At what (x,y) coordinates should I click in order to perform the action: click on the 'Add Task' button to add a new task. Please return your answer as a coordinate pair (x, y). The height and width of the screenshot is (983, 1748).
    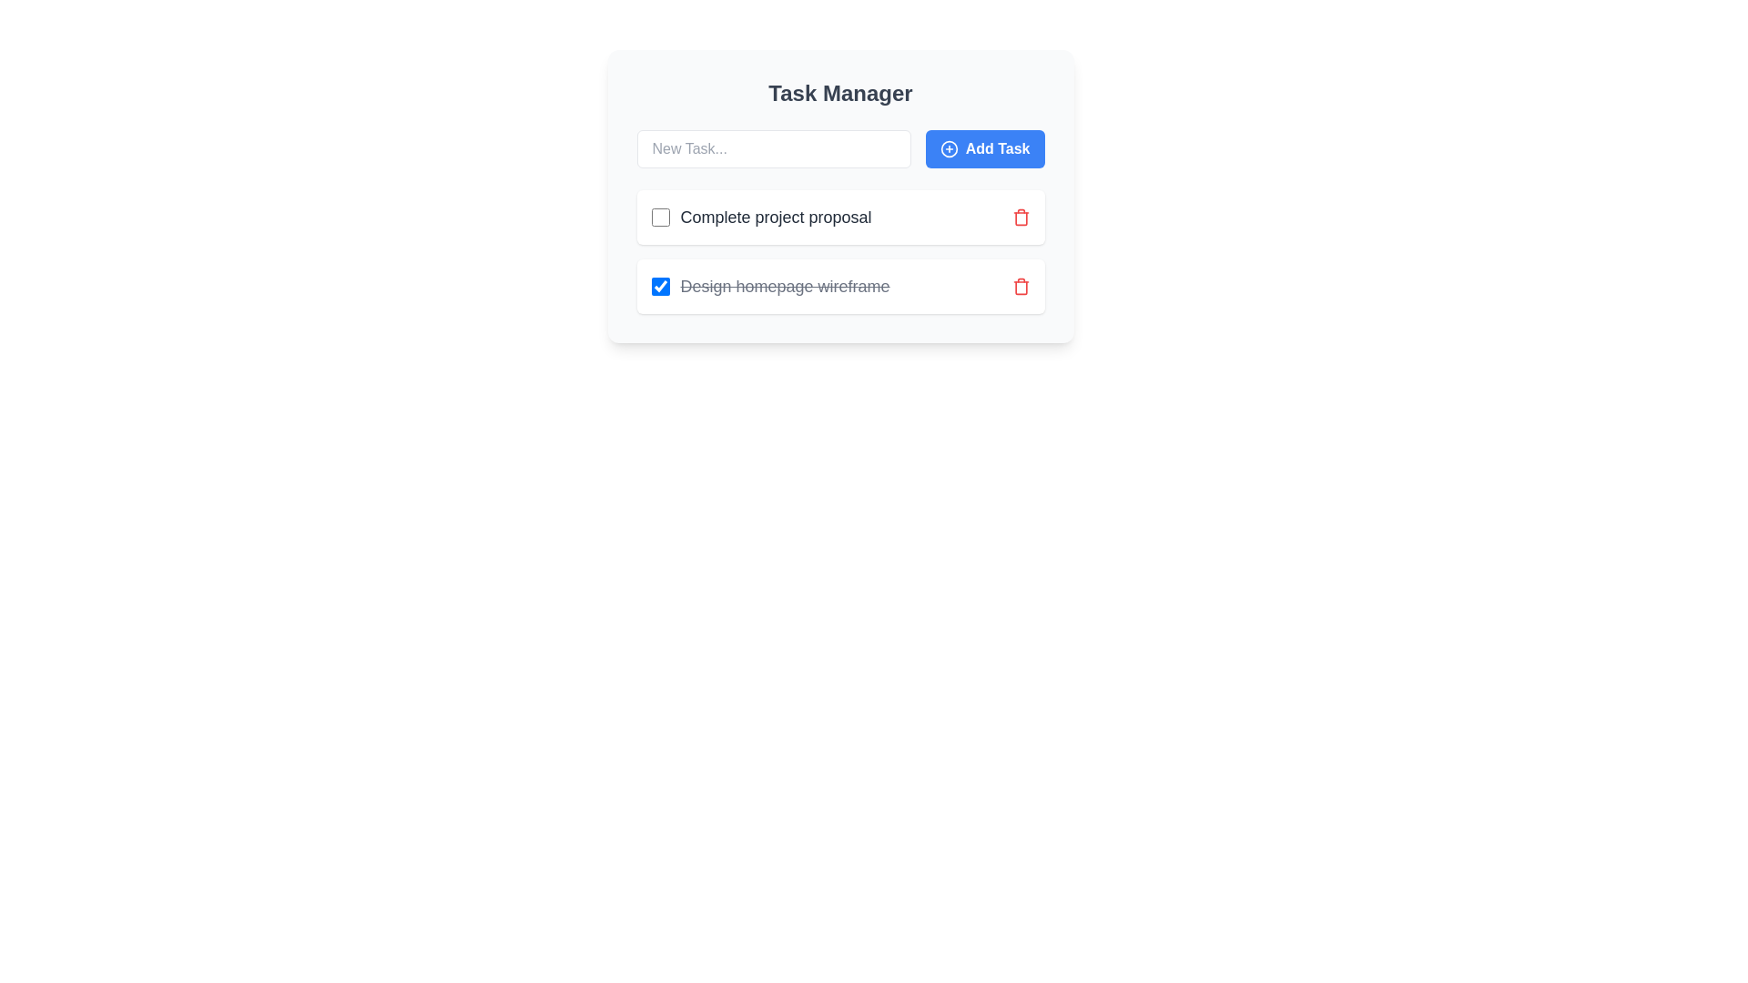
    Looking at the image, I should click on (983, 148).